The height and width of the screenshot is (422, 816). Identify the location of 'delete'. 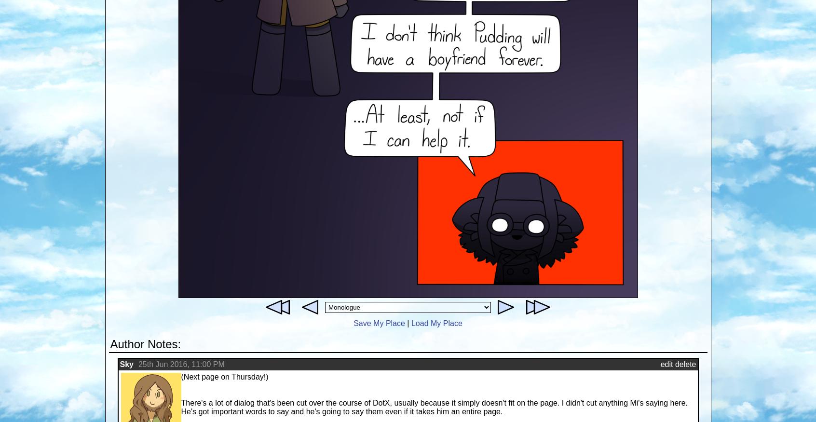
(674, 364).